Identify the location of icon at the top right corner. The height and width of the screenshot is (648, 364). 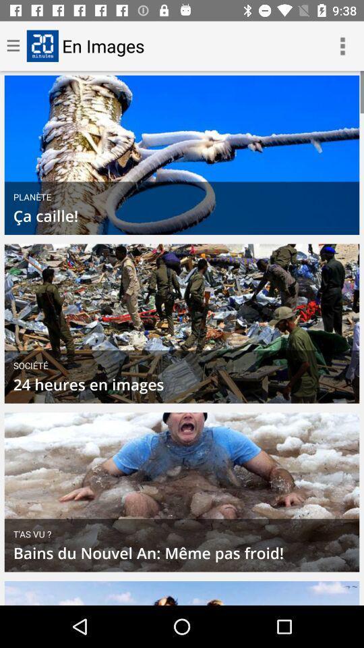
(342, 46).